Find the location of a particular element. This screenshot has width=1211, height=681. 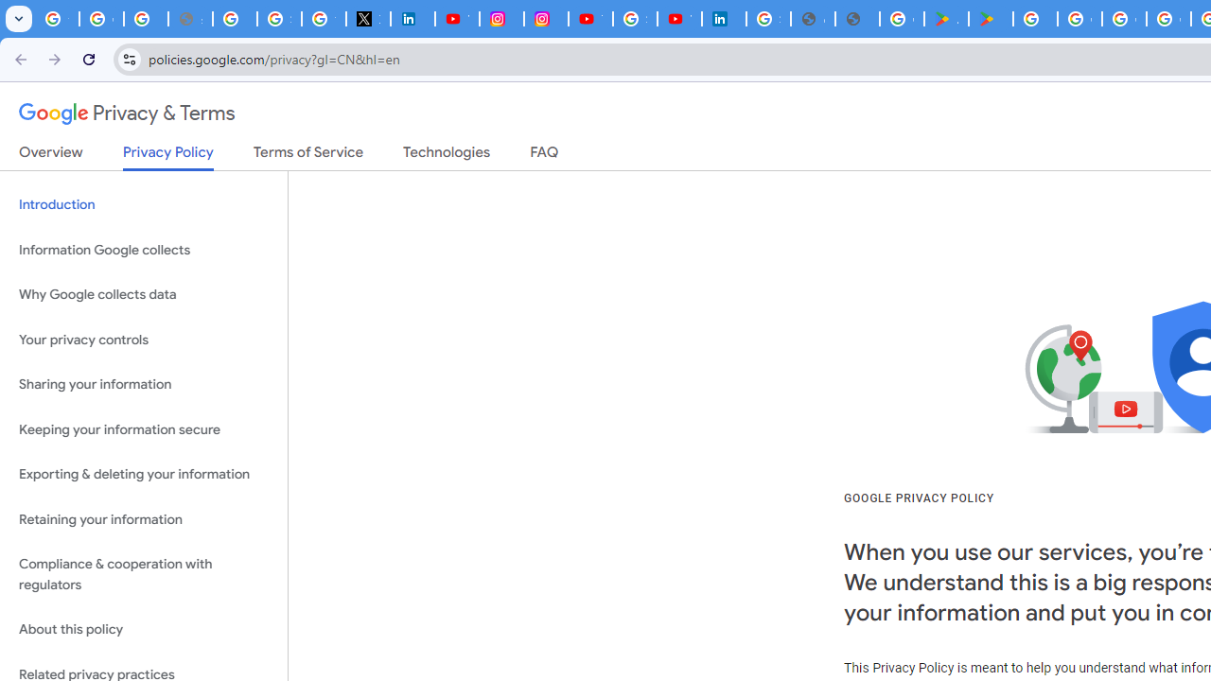

'PAW Patrol Rescue World - Apps on Google Play' is located at coordinates (990, 19).